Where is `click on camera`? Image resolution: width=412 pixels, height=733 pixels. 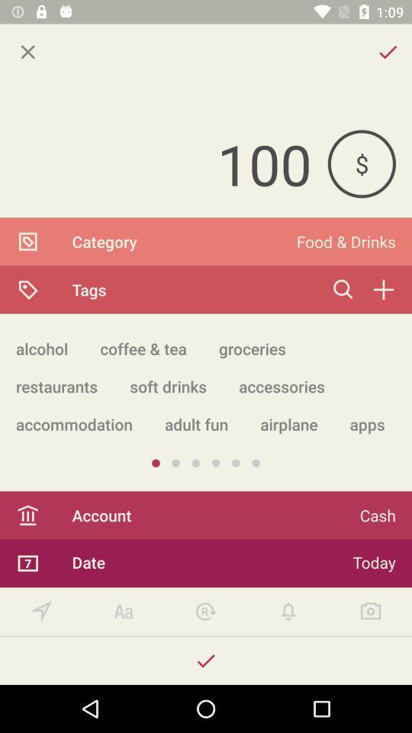
click on camera is located at coordinates (370, 612).